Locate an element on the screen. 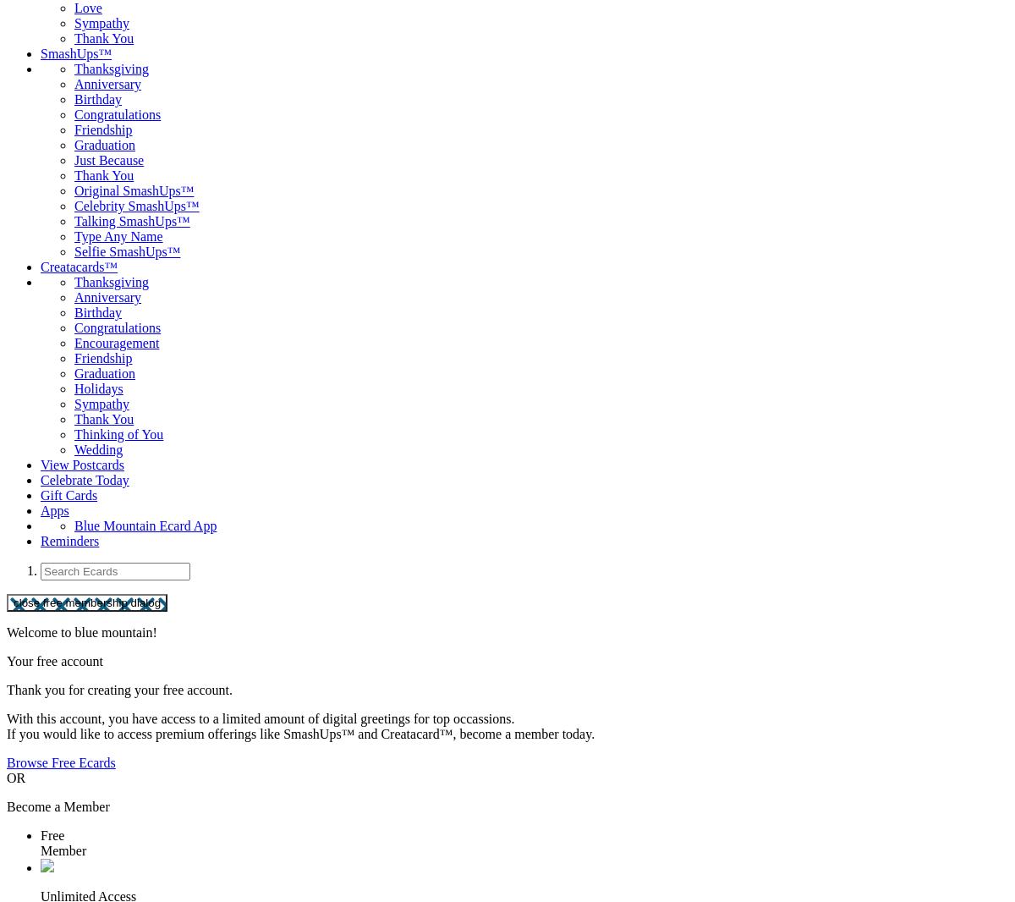  'Become a Member' is located at coordinates (7, 806).